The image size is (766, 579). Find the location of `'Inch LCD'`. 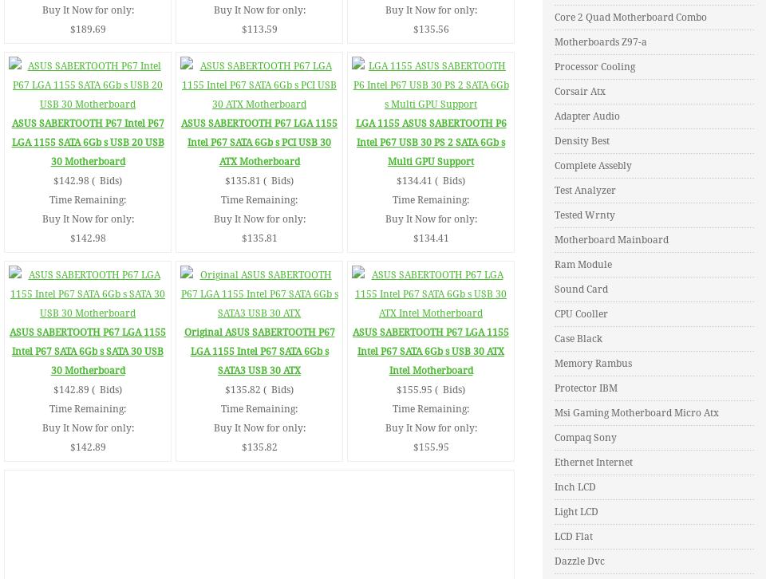

'Inch LCD' is located at coordinates (574, 486).